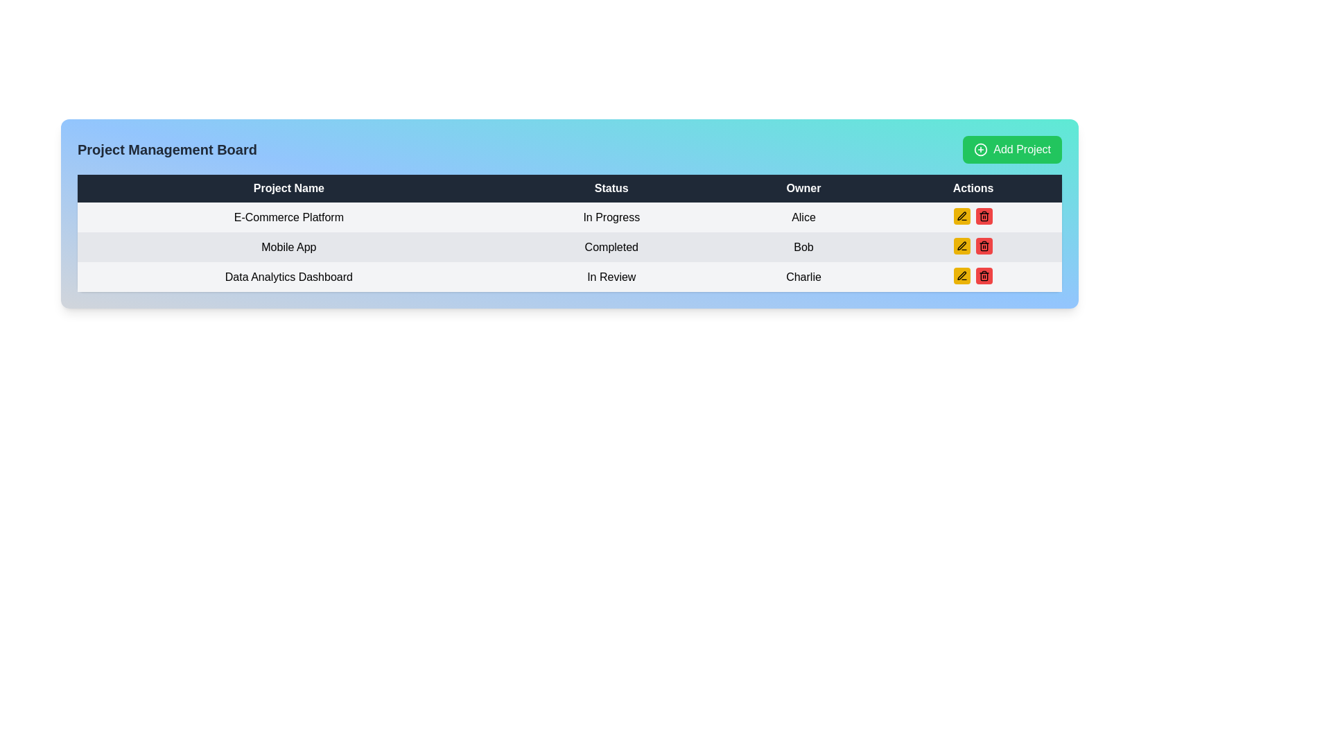  I want to click on the delete button with a trash can icon in the actions column of Bob's row to observe the hover effect, so click(984, 216).